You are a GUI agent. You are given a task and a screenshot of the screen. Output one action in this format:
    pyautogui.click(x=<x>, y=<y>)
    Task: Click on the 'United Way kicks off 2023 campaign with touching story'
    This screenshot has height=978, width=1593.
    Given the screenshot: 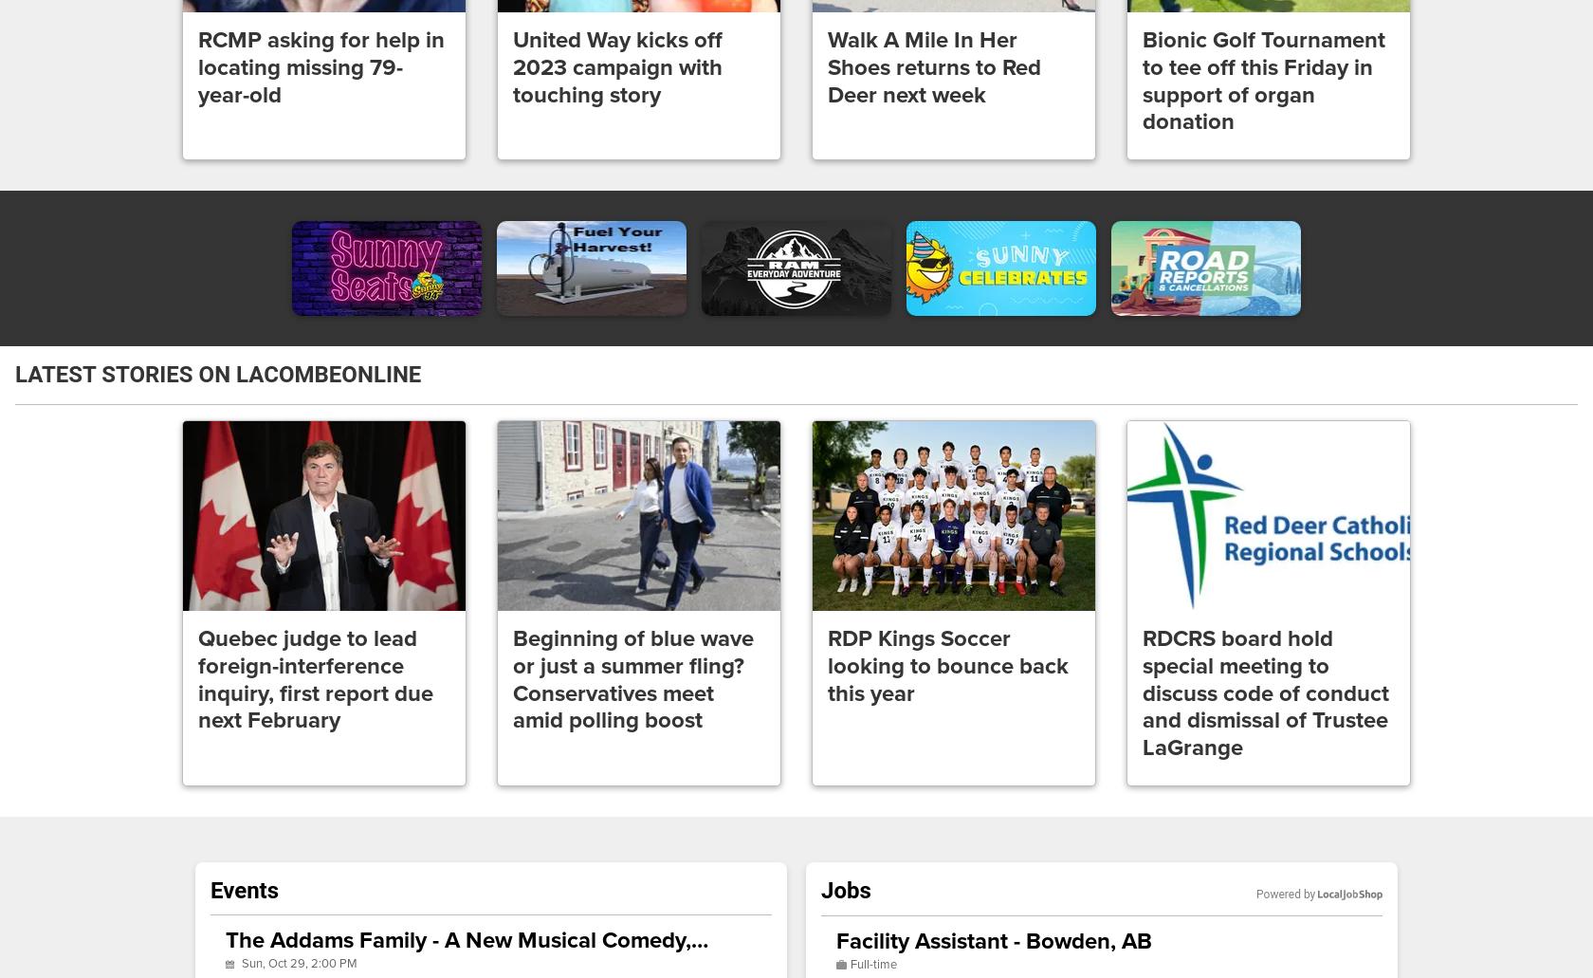 What is the action you would take?
    pyautogui.click(x=512, y=67)
    